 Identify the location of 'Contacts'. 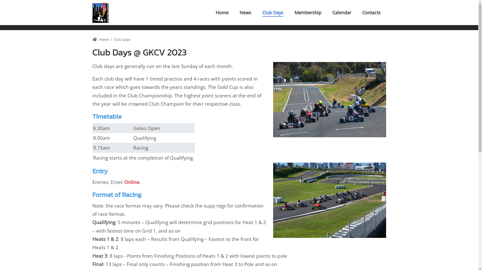
(371, 12).